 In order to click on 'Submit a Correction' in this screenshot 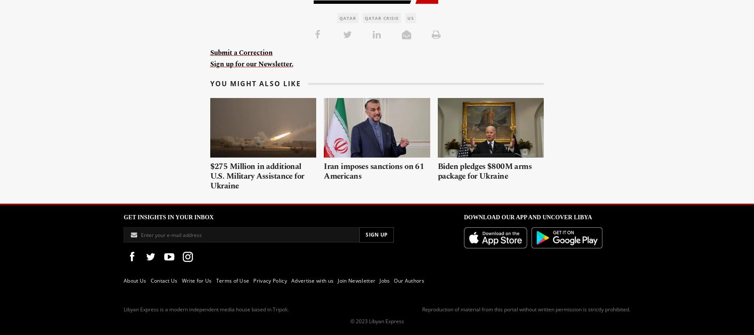, I will do `click(240, 52)`.